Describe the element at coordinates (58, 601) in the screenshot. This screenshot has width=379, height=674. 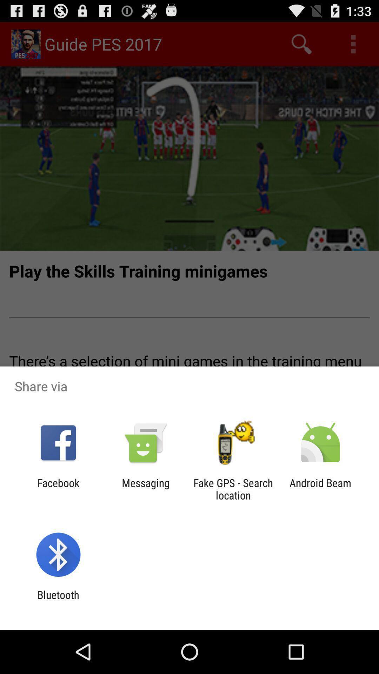
I see `the bluetooth` at that location.